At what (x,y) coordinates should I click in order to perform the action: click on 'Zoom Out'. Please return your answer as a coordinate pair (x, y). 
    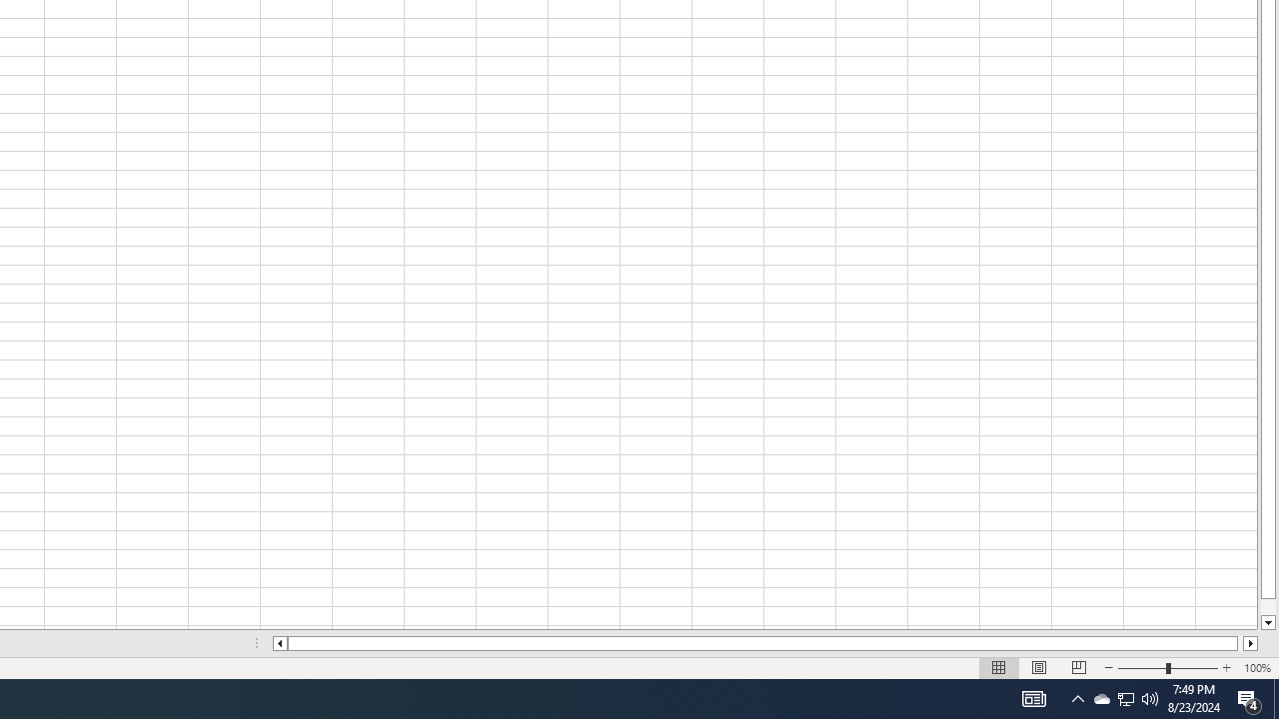
    Looking at the image, I should click on (1142, 668).